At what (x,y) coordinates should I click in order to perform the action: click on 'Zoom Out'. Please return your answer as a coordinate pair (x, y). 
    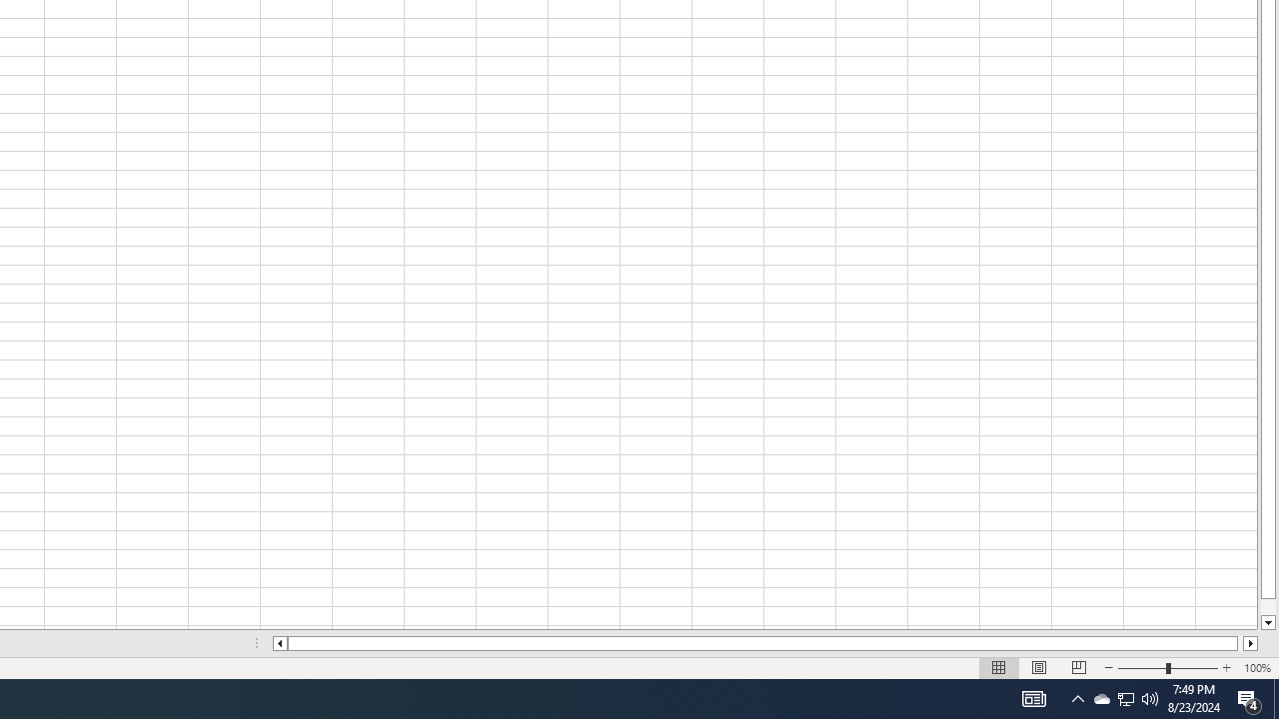
    Looking at the image, I should click on (1142, 668).